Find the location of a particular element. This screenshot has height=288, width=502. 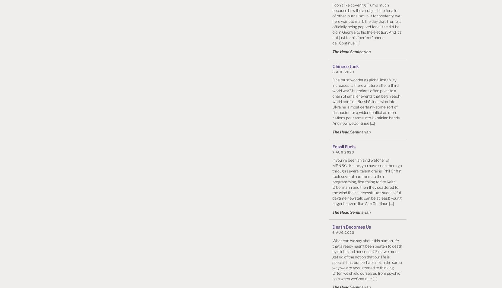

'One must wonder as global instability increases-is there a future after a third world war? Historians often point to a chain of smaller events that begin each world conflict. Russia’s incursion into Ukraine is most certainly some sort of flashpoint for a wider conflict as more nations pour arms into Ukrainian hands. And now weContinue […]' is located at coordinates (332, 101).